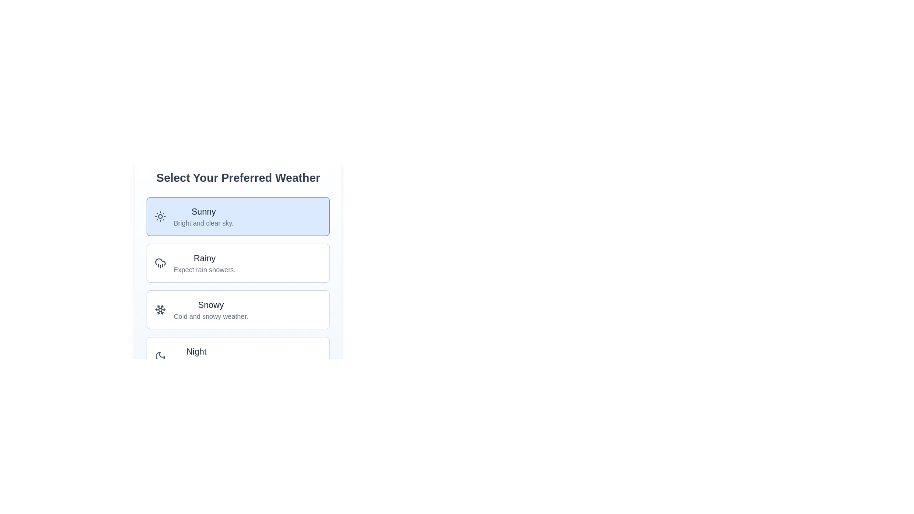  What do you see at coordinates (196, 356) in the screenshot?
I see `the third item in the weather options list labeled 'Night' with a description 'Clear night sky.'` at bounding box center [196, 356].